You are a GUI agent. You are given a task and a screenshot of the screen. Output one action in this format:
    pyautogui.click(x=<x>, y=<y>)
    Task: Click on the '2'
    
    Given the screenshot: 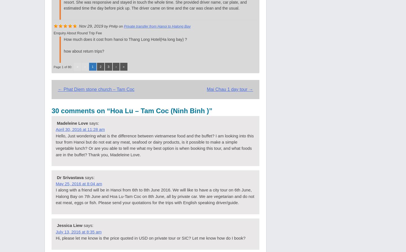 What is the action you would take?
    pyautogui.click(x=100, y=66)
    